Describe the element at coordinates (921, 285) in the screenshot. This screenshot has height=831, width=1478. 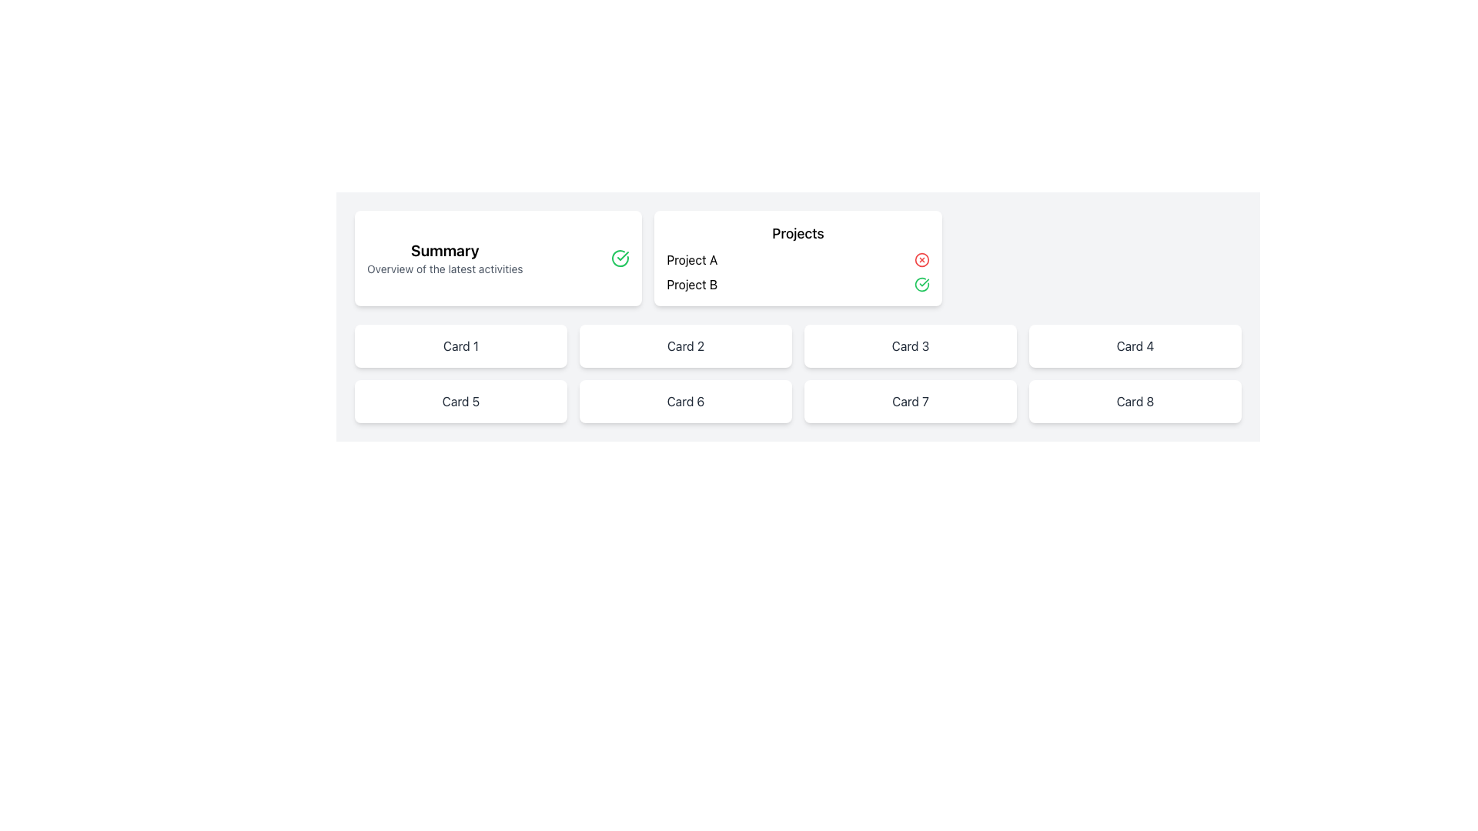
I see `the status indicator icon for 'Project B'` at that location.